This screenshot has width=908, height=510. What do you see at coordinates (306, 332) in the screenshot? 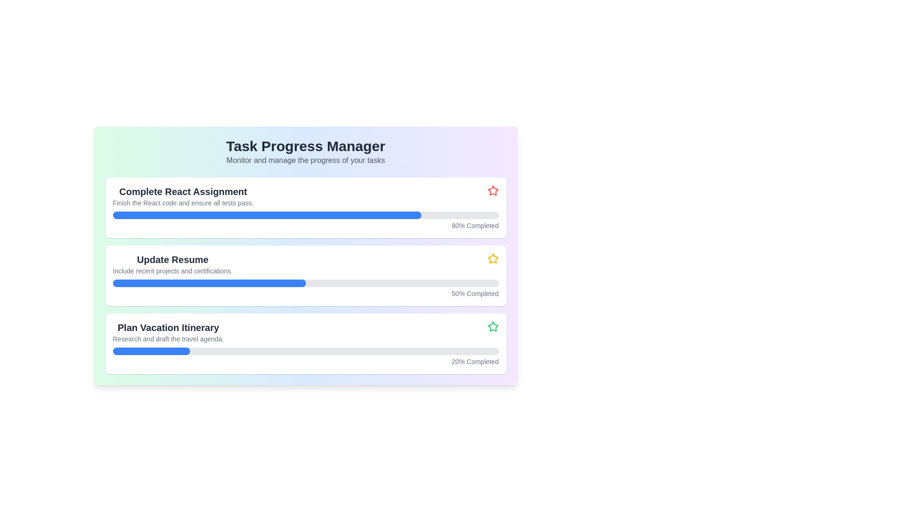
I see `the third task block` at bounding box center [306, 332].